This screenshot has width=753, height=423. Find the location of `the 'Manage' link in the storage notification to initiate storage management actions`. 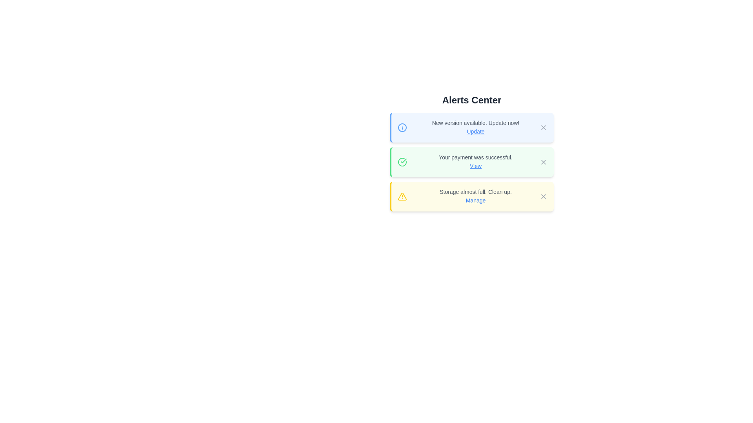

the 'Manage' link in the storage notification to initiate storage management actions is located at coordinates (471, 196).